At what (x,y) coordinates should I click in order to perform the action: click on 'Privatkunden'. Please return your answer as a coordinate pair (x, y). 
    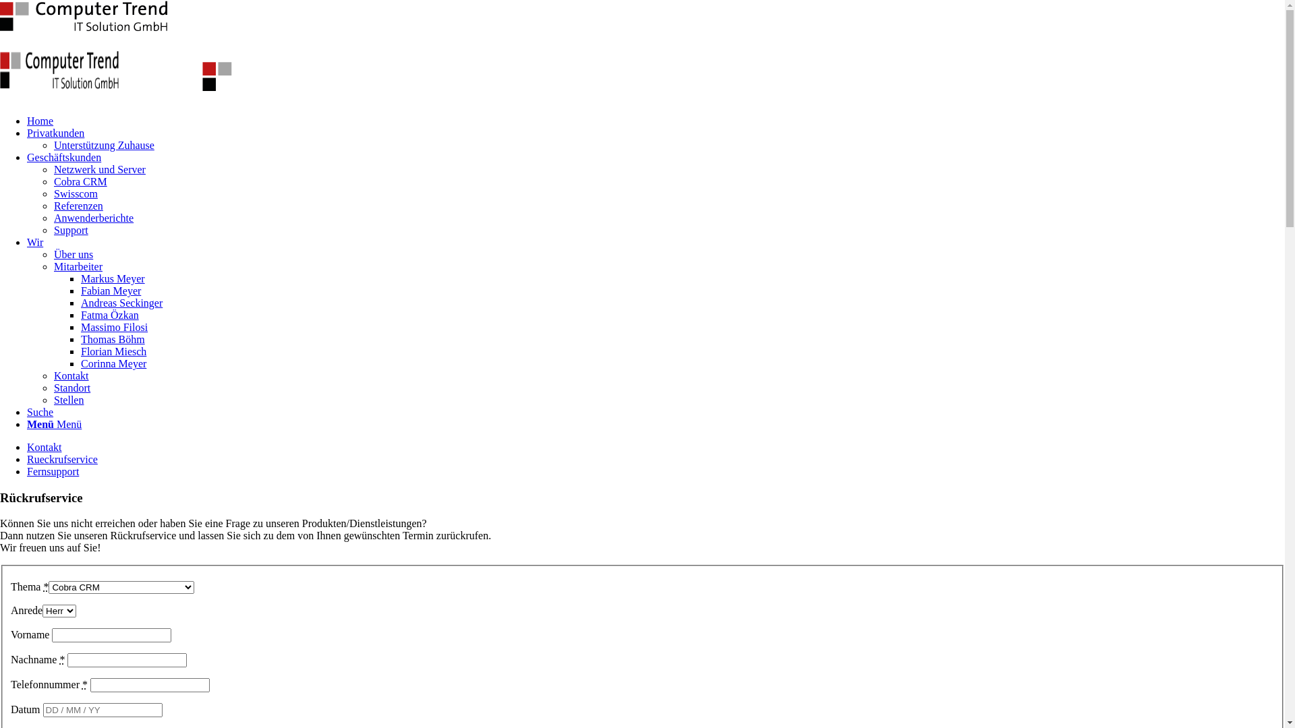
    Looking at the image, I should click on (55, 133).